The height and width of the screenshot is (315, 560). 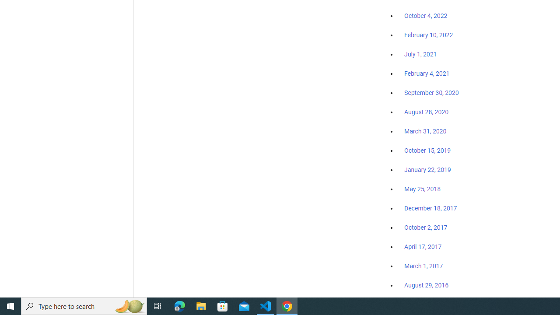 What do you see at coordinates (426, 227) in the screenshot?
I see `'October 2, 2017'` at bounding box center [426, 227].